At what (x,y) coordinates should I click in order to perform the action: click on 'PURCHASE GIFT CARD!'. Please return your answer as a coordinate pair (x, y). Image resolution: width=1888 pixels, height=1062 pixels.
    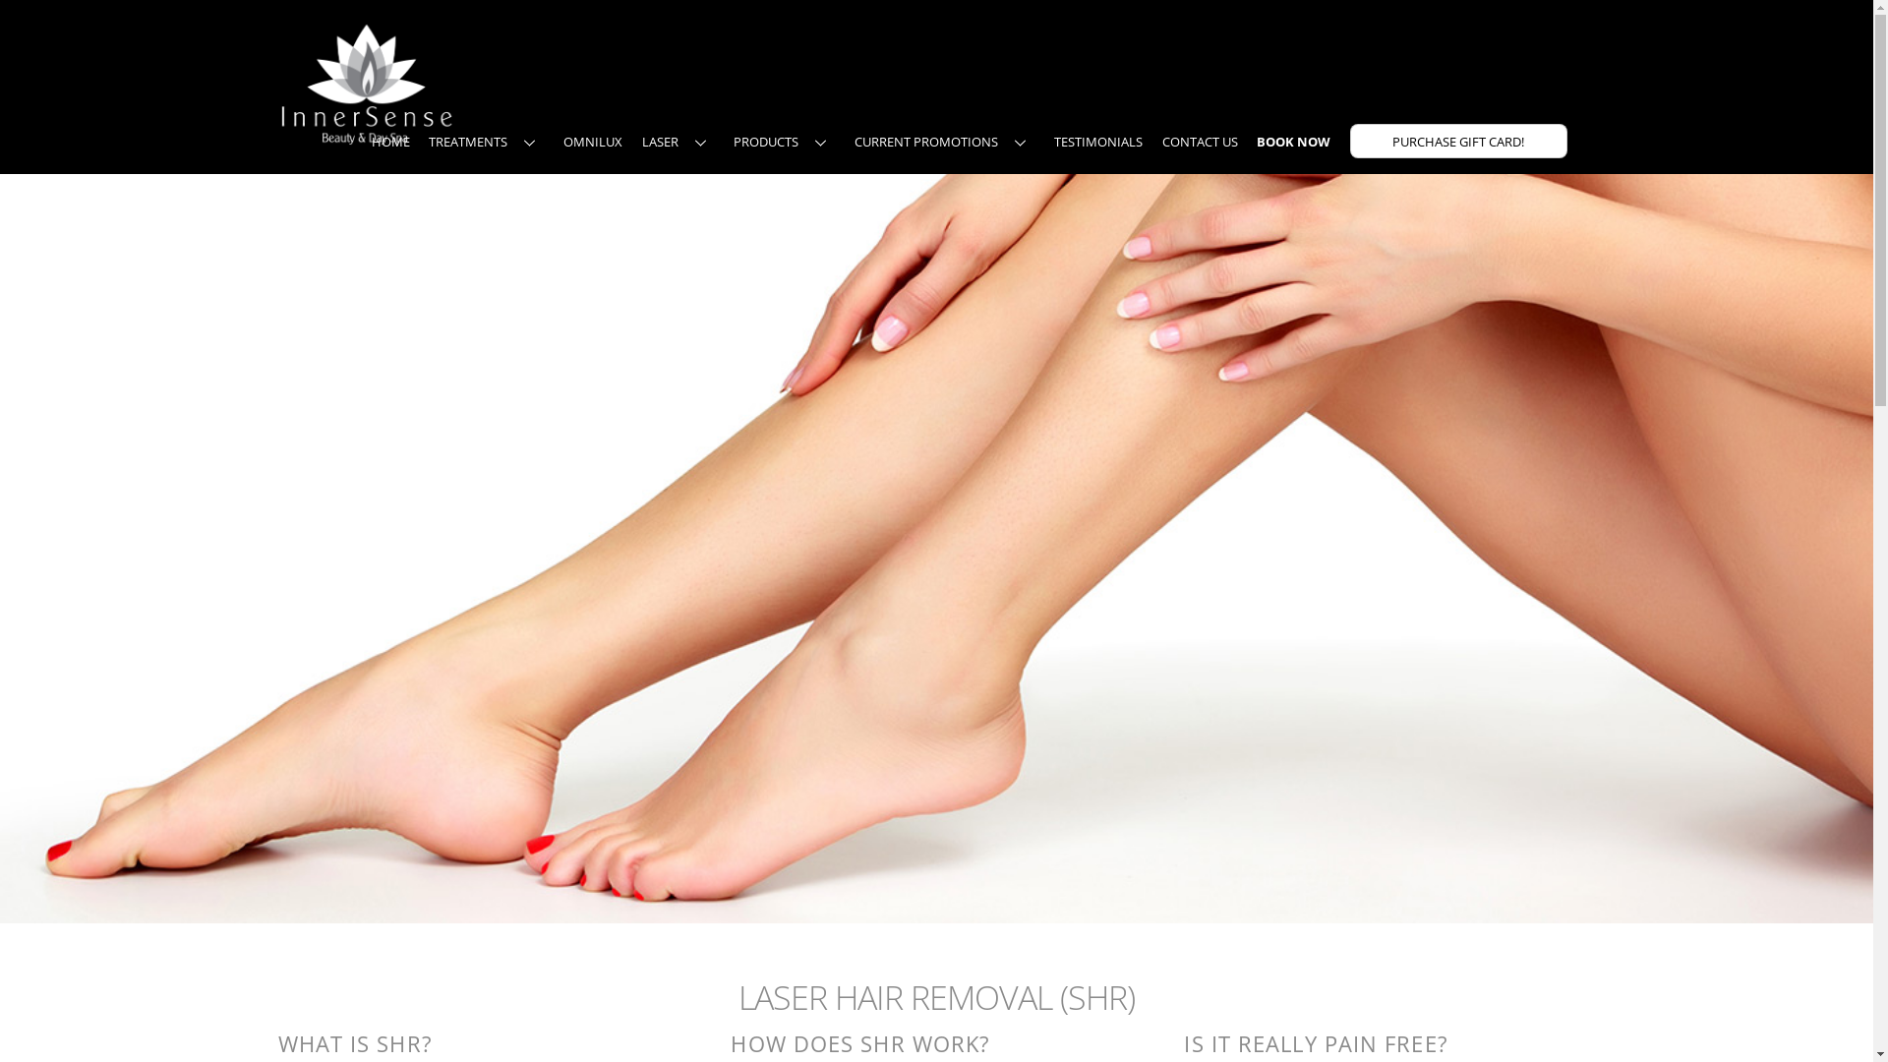
    Looking at the image, I should click on (1458, 140).